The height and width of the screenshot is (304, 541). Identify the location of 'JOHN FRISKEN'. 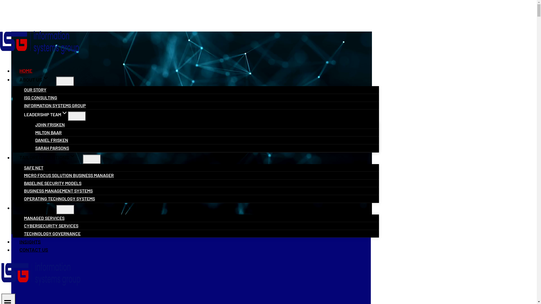
(50, 124).